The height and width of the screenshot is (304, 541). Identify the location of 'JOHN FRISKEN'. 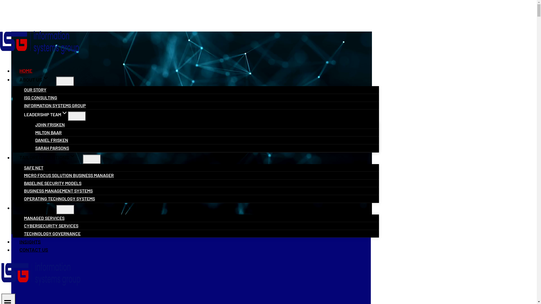
(50, 124).